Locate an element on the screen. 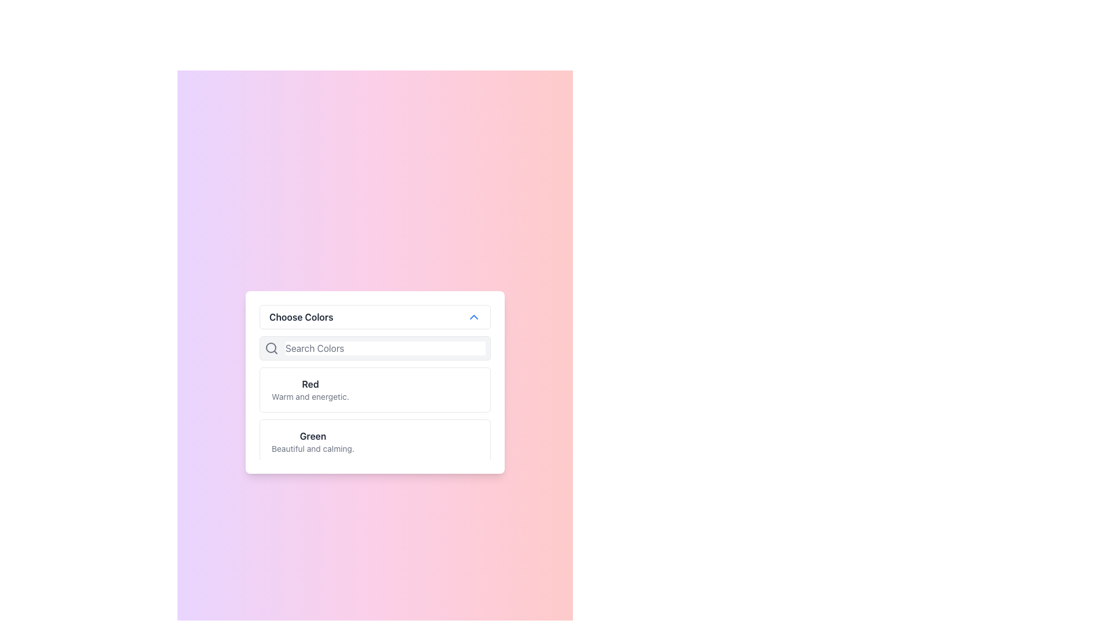 The image size is (1110, 624). the first selectable color option in the list, which is displayed below the 'Choose Colors' title and above the search bar is located at coordinates (375, 382).